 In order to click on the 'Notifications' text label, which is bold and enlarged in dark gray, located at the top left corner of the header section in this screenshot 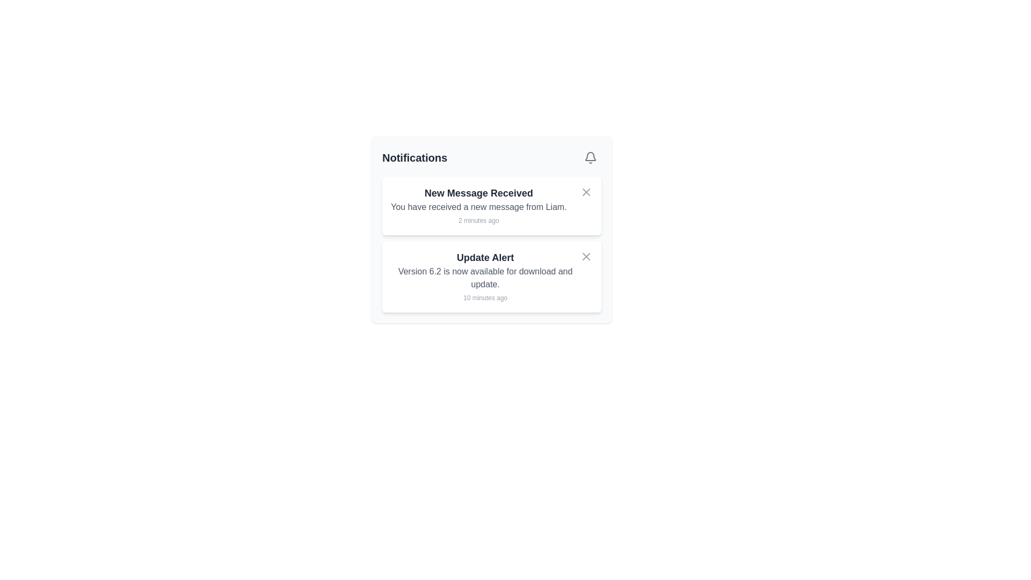, I will do `click(414, 157)`.